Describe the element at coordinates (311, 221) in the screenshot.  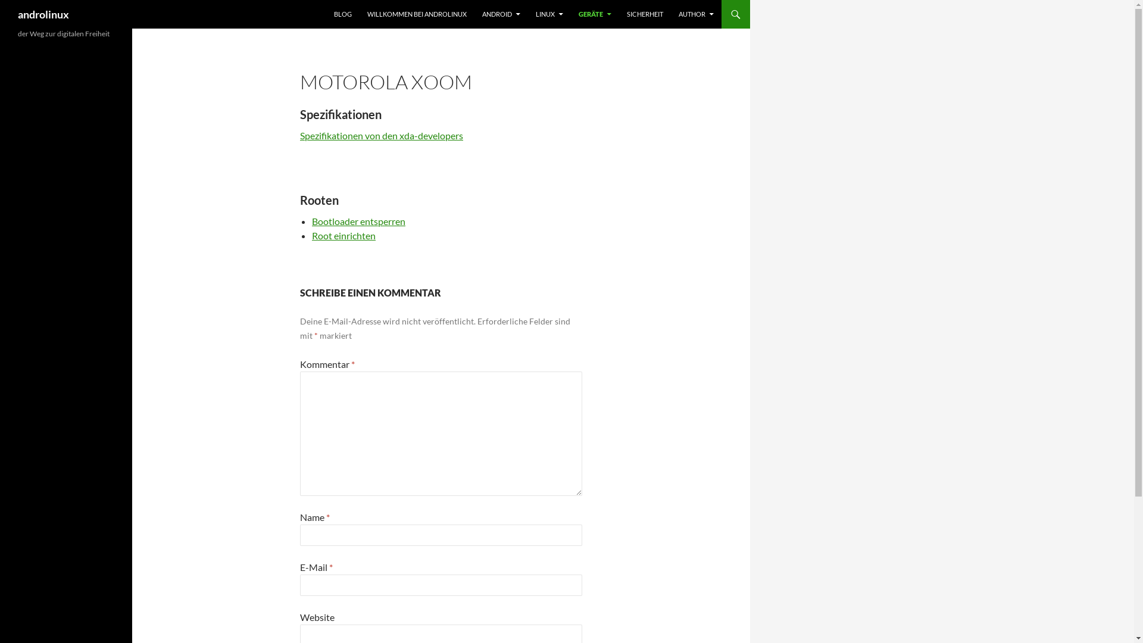
I see `'Bootloader entsperren'` at that location.